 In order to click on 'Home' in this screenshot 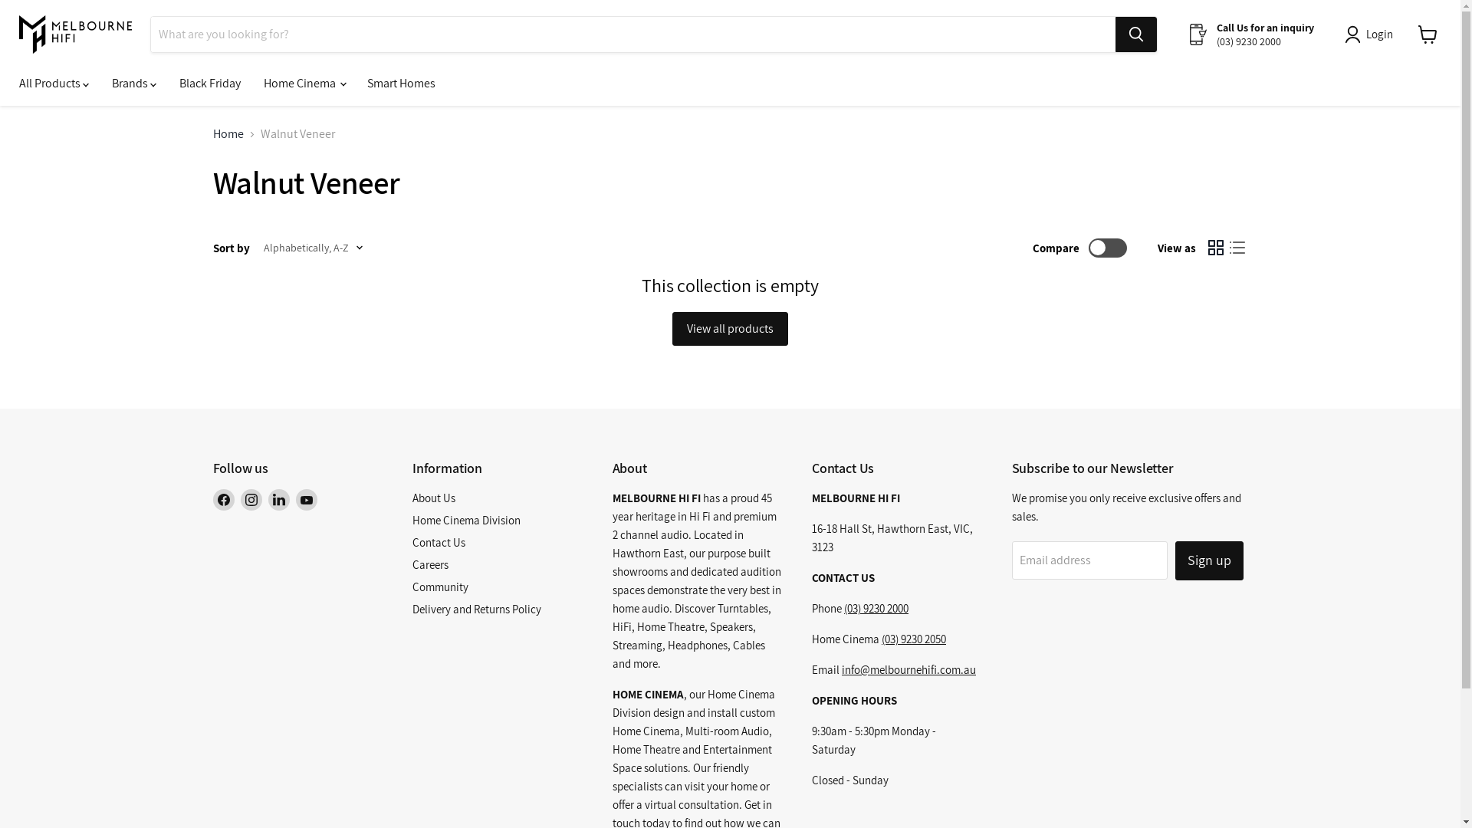, I will do `click(227, 133)`.